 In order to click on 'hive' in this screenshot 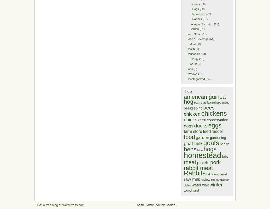, I will do `click(200, 150)`.